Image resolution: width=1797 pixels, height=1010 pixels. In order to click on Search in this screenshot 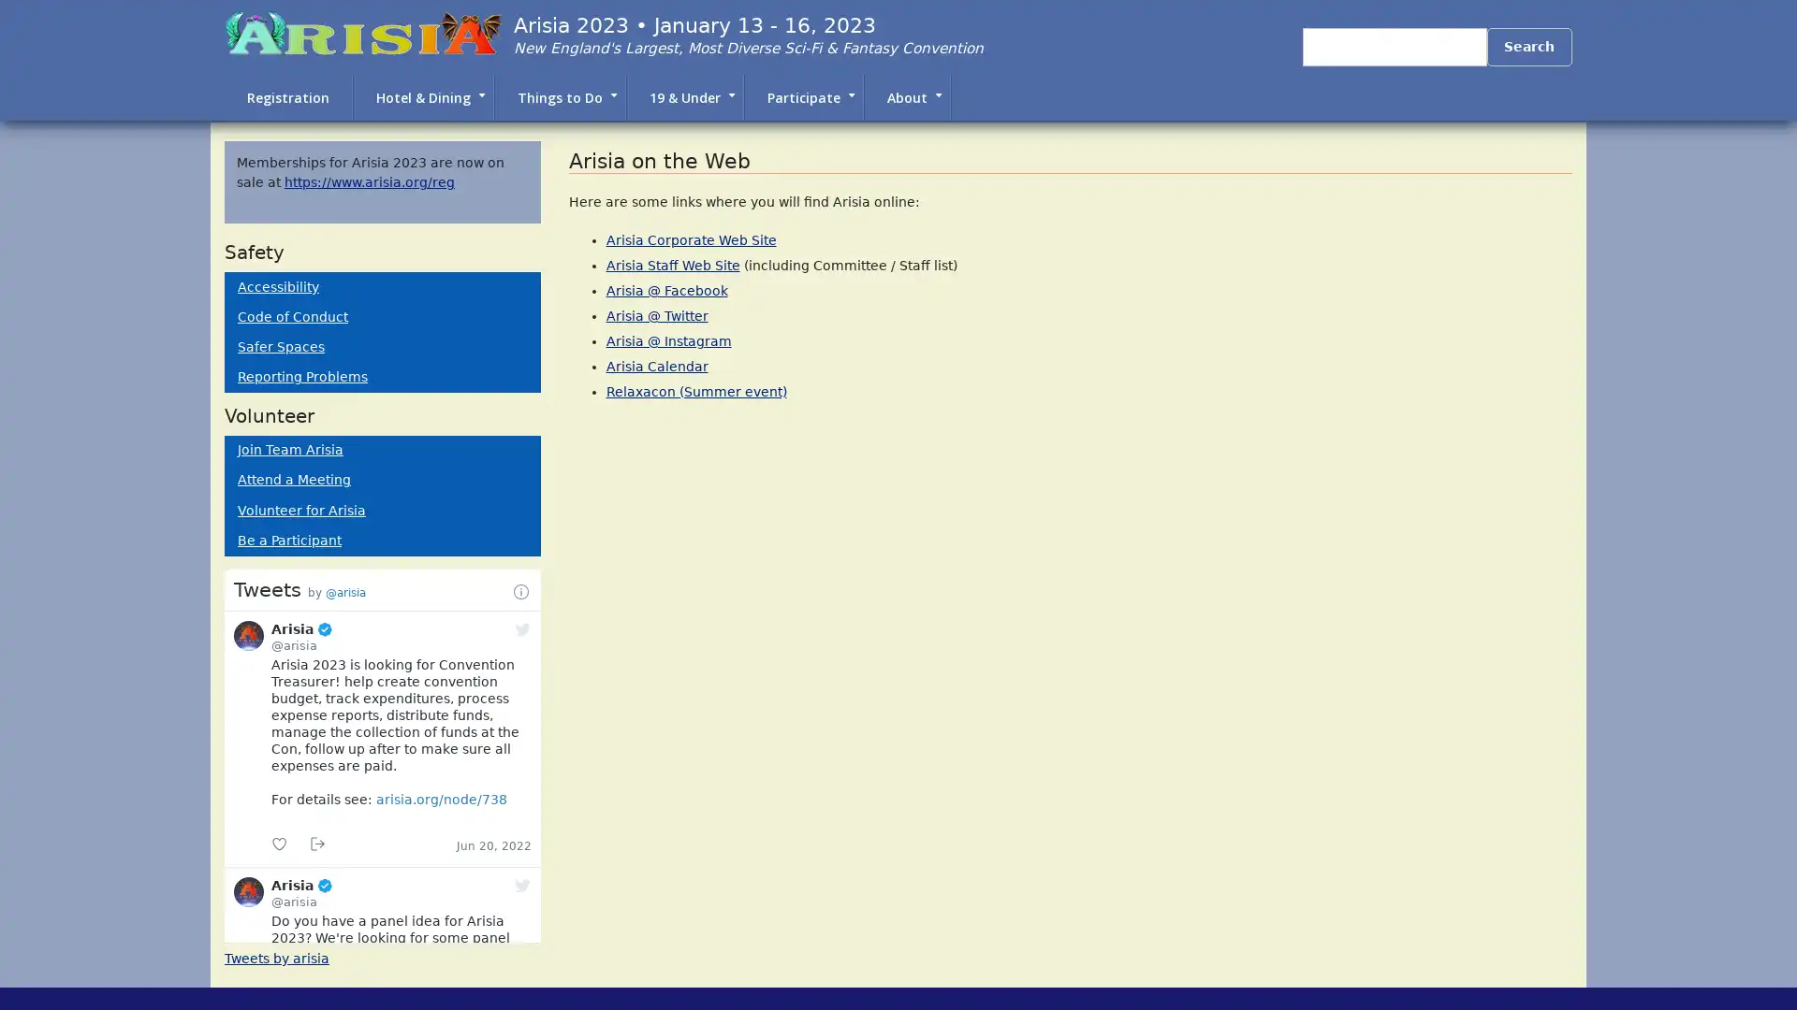, I will do `click(1528, 46)`.